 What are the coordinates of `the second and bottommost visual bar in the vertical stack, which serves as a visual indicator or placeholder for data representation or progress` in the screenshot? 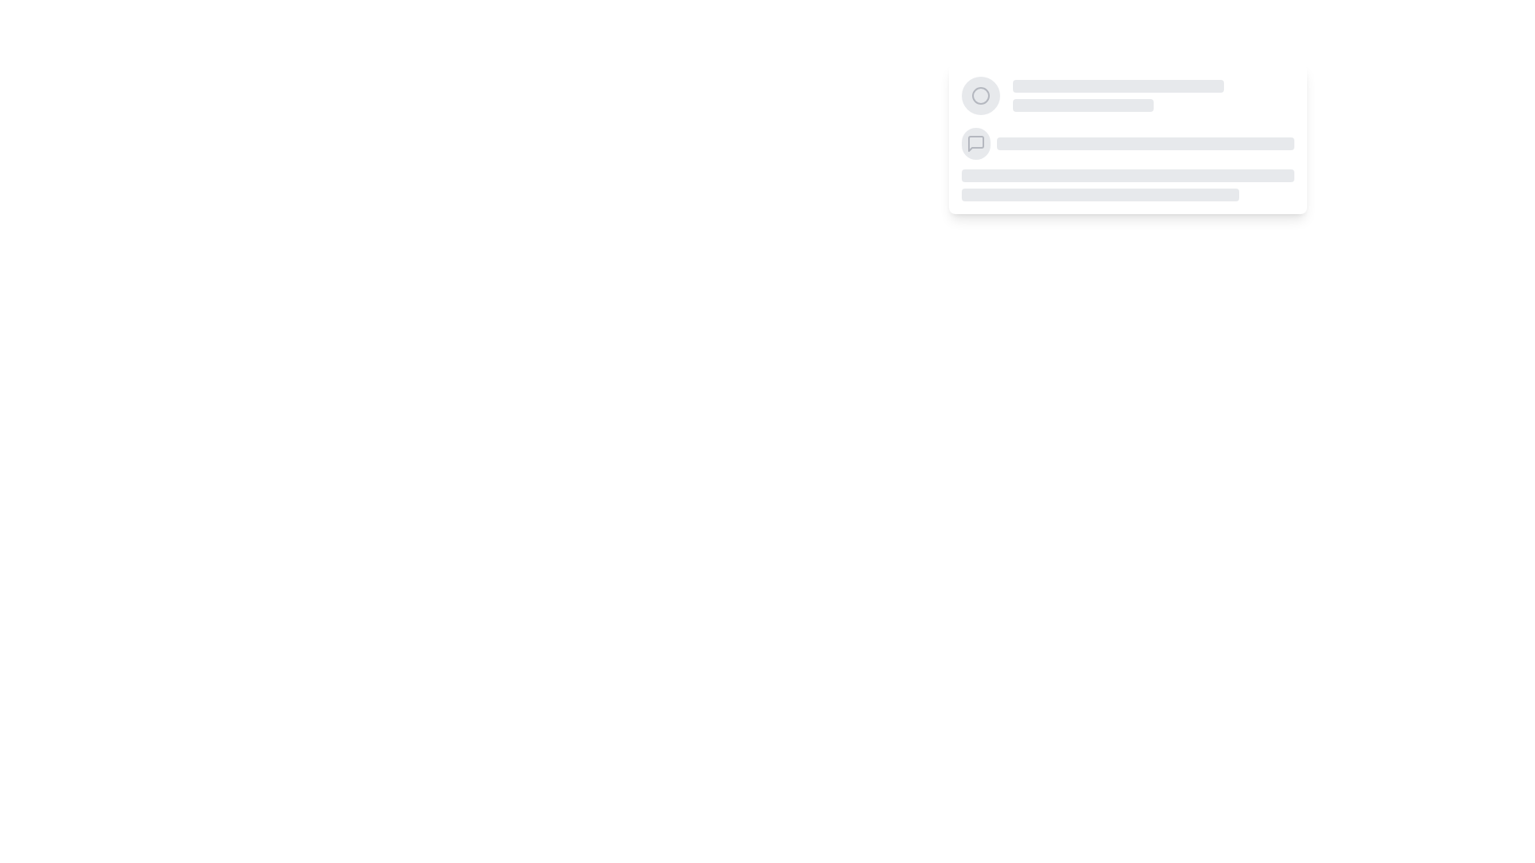 It's located at (1082, 105).